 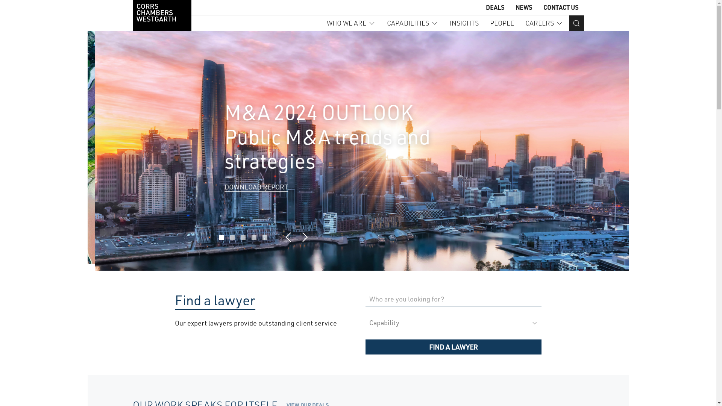 I want to click on 'PEOPLE', so click(x=502, y=23).